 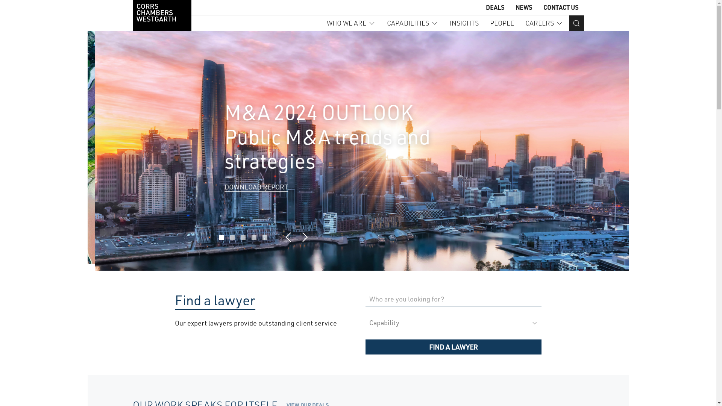 I want to click on 'PEOPLE', so click(x=502, y=23).